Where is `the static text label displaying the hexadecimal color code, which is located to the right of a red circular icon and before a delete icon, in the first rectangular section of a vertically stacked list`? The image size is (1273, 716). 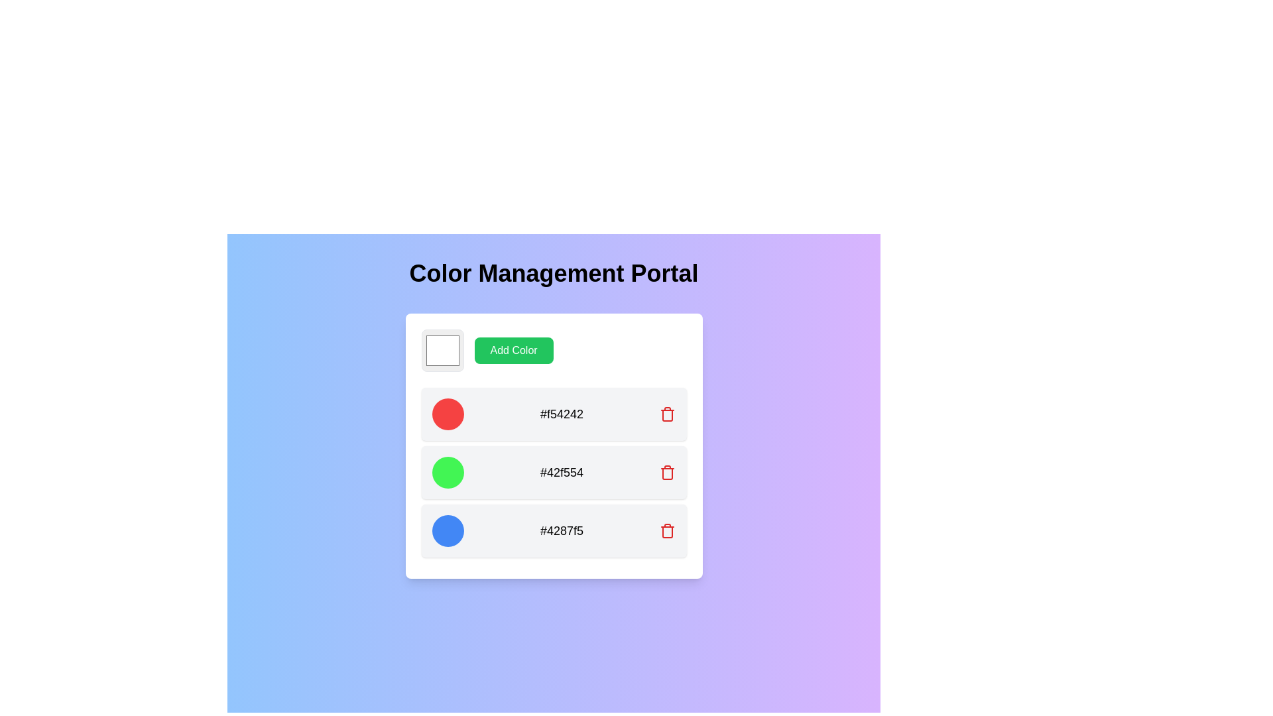 the static text label displaying the hexadecimal color code, which is located to the right of a red circular icon and before a delete icon, in the first rectangular section of a vertically stacked list is located at coordinates (562, 413).